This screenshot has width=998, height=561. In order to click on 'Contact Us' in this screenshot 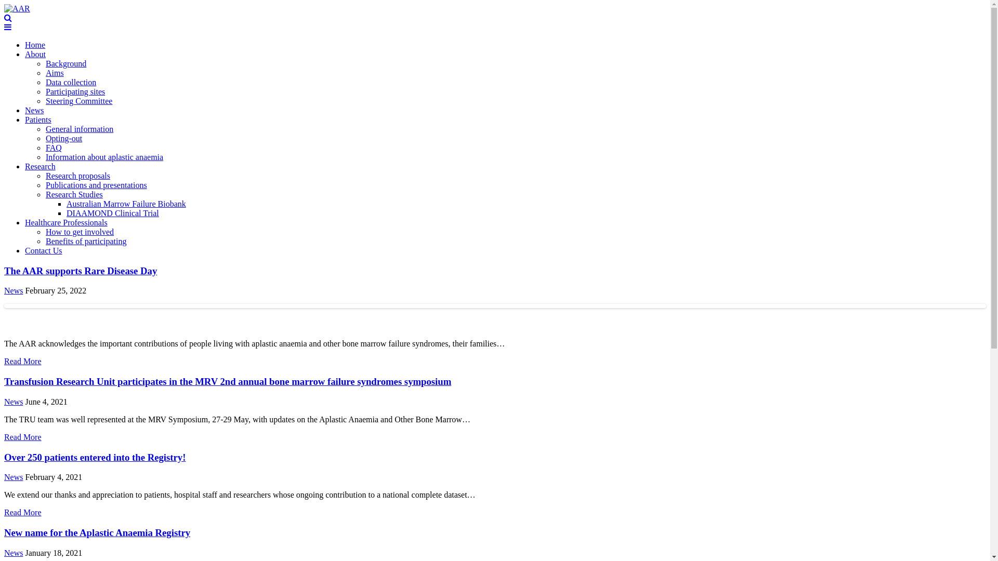, I will do `click(43, 250)`.